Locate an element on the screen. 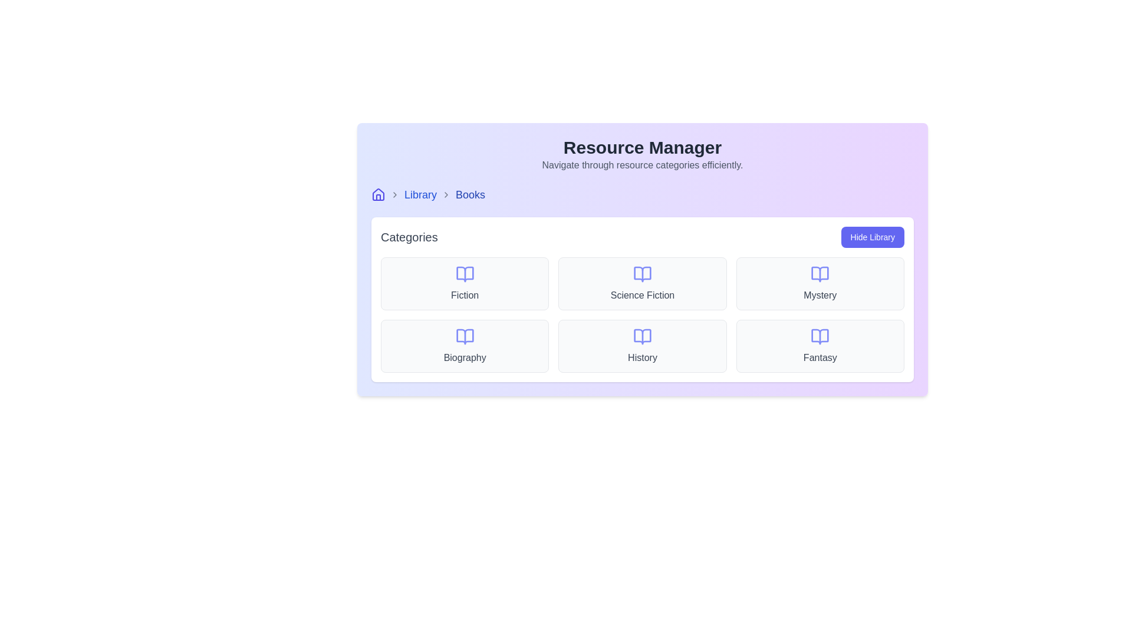 The image size is (1132, 636). the open book icon representing the 'Fiction' category located in the top-left category tile of the grid is located at coordinates (464, 274).